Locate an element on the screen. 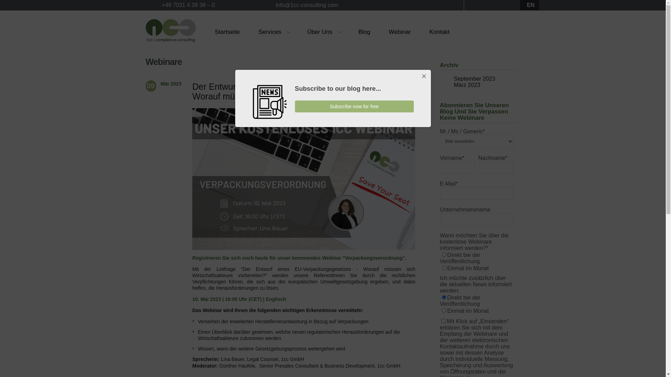 The height and width of the screenshot is (377, 671). 'Startseite' is located at coordinates (228, 31).